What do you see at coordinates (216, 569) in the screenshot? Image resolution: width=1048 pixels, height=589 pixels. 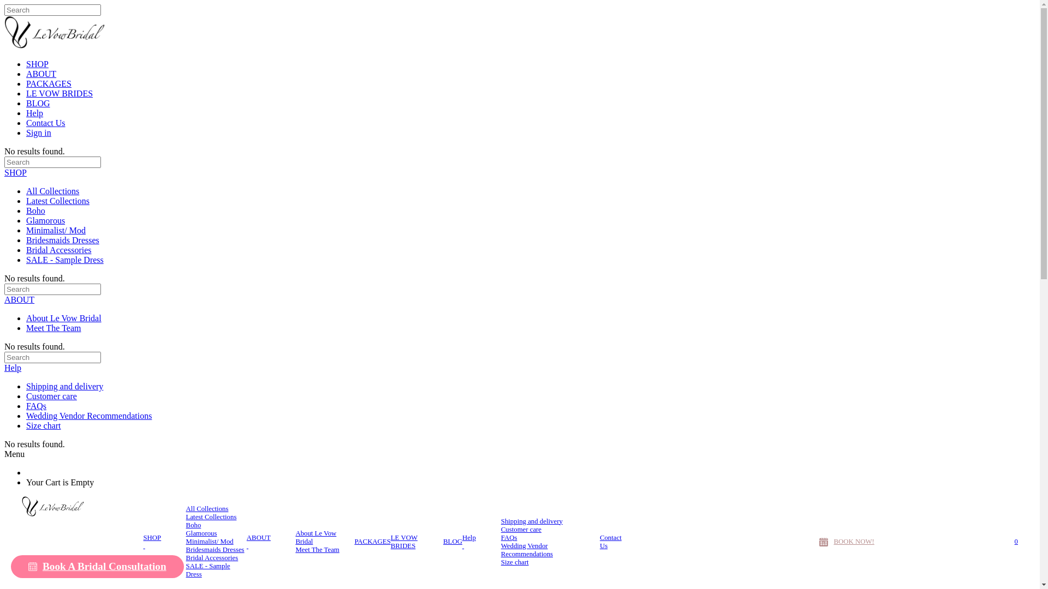 I see `'SALE - Sample Dress'` at bounding box center [216, 569].